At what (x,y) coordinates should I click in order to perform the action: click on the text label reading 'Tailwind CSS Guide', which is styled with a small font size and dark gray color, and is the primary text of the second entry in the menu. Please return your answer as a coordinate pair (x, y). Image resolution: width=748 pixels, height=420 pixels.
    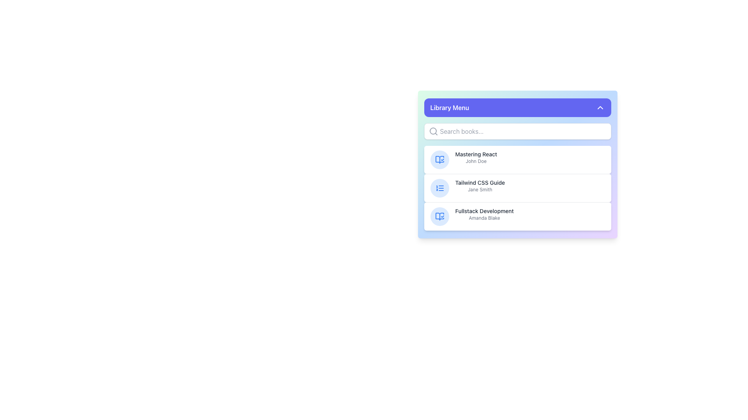
    Looking at the image, I should click on (480, 183).